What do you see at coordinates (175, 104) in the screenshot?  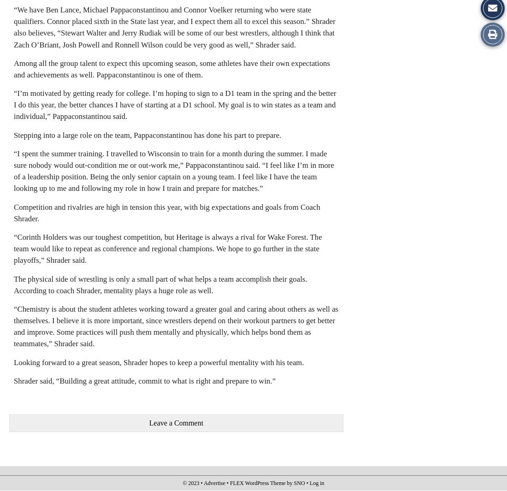 I see `'“I’m motivated by getting ready for college. I’m hoping to sign to a D1 team in the spring and the better I do this year, the better chances I have of starting at a D1 school. My goal is to win states as a team and individual,” Pappaconstantinou said.'` at bounding box center [175, 104].